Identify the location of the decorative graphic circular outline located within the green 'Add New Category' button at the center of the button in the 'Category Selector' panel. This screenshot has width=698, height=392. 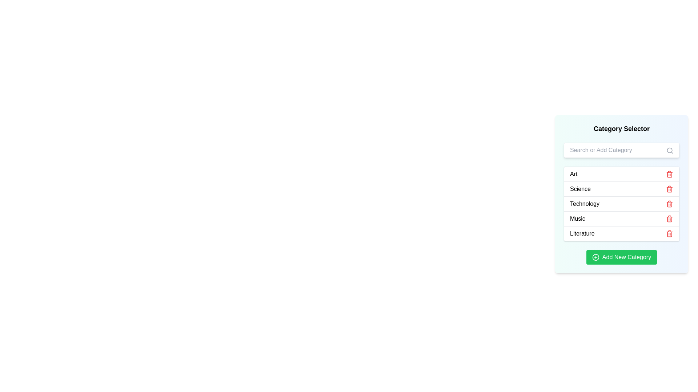
(595, 257).